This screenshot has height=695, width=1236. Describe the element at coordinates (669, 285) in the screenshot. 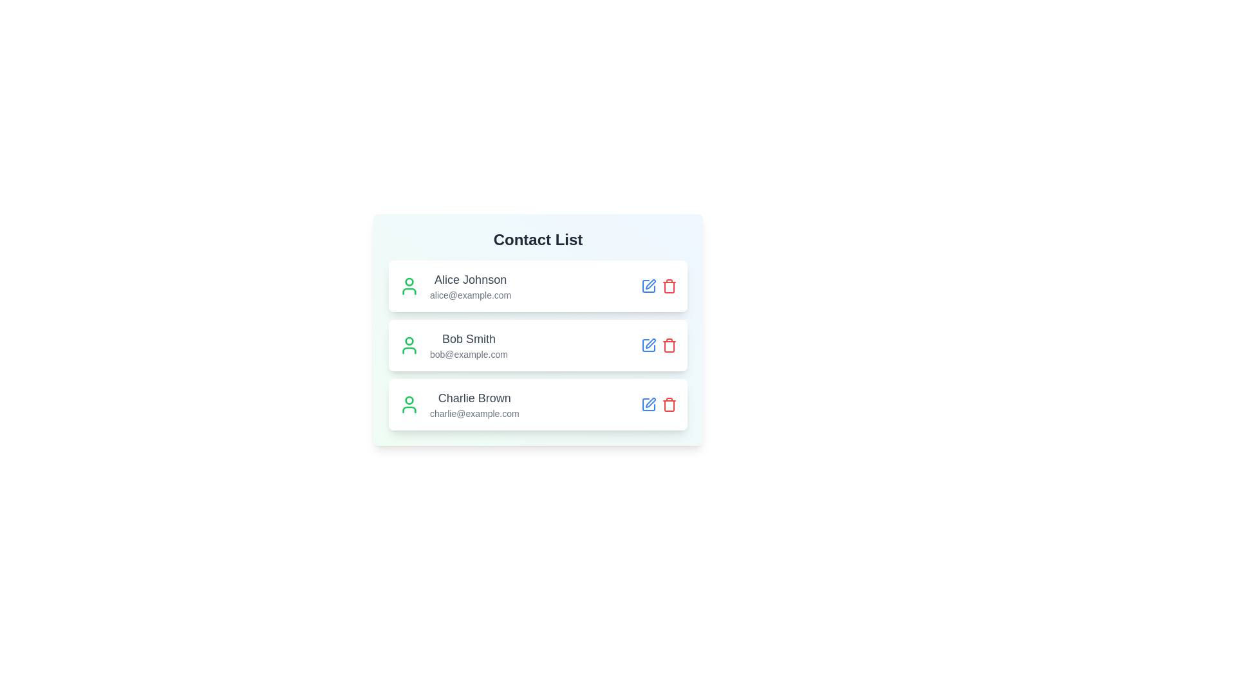

I see `the contact corresponding to the Alice Johnson by clicking the associated delete button` at that location.